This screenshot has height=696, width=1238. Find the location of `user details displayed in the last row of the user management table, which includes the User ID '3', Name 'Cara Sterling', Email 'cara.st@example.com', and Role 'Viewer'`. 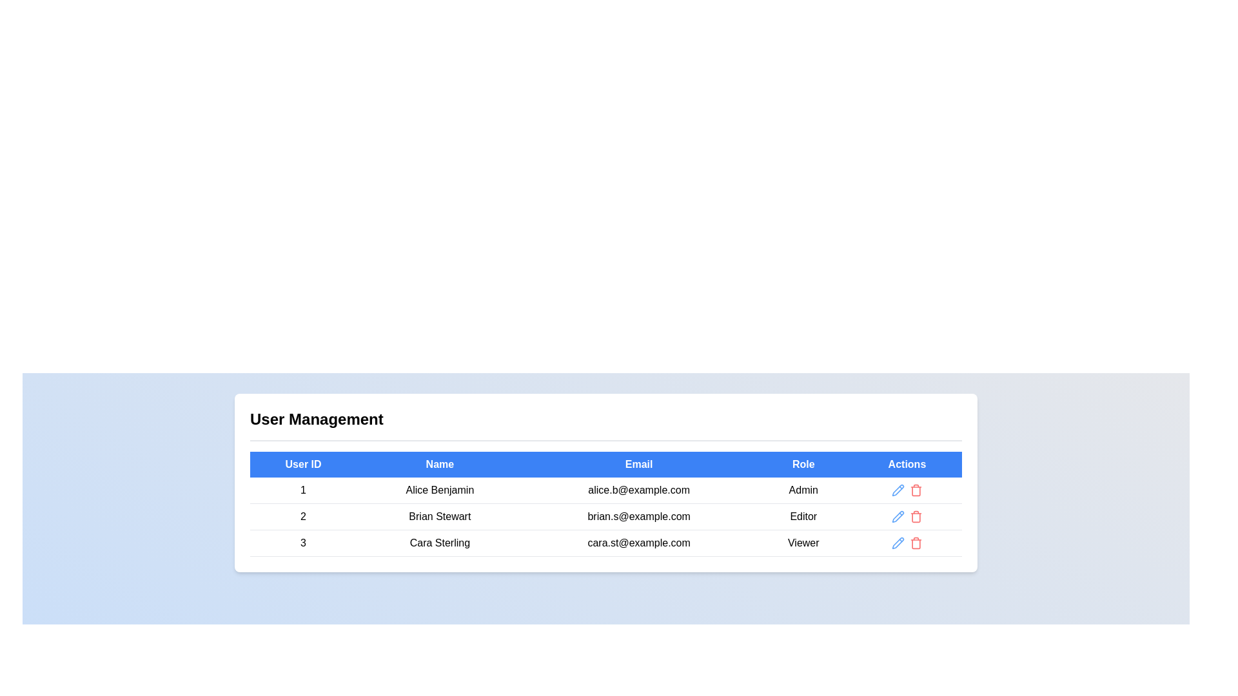

user details displayed in the last row of the user management table, which includes the User ID '3', Name 'Cara Sterling', Email 'cara.st@example.com', and Role 'Viewer' is located at coordinates (605, 543).